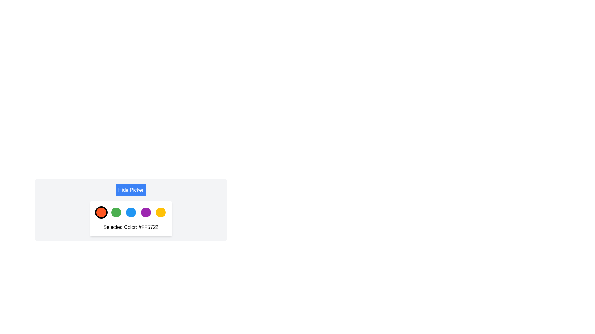 Image resolution: width=595 pixels, height=334 pixels. What do you see at coordinates (101, 212) in the screenshot?
I see `the first circular button filled with orange color (#FF5722)` at bounding box center [101, 212].